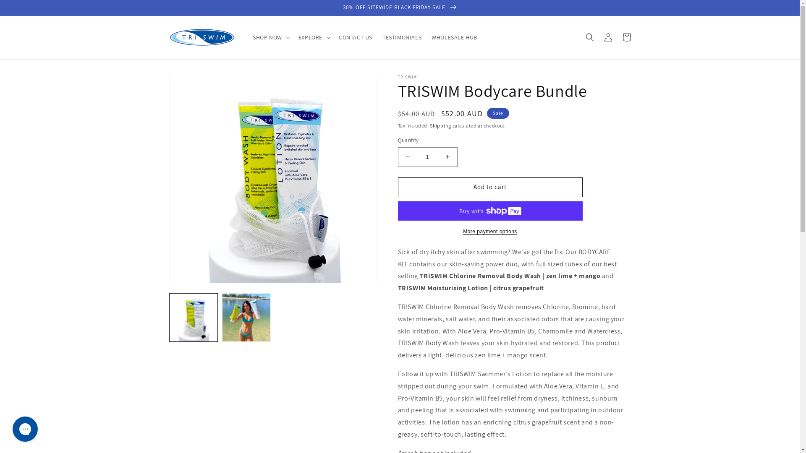 The width and height of the screenshot is (806, 453). I want to click on 'Cart', so click(626, 36).